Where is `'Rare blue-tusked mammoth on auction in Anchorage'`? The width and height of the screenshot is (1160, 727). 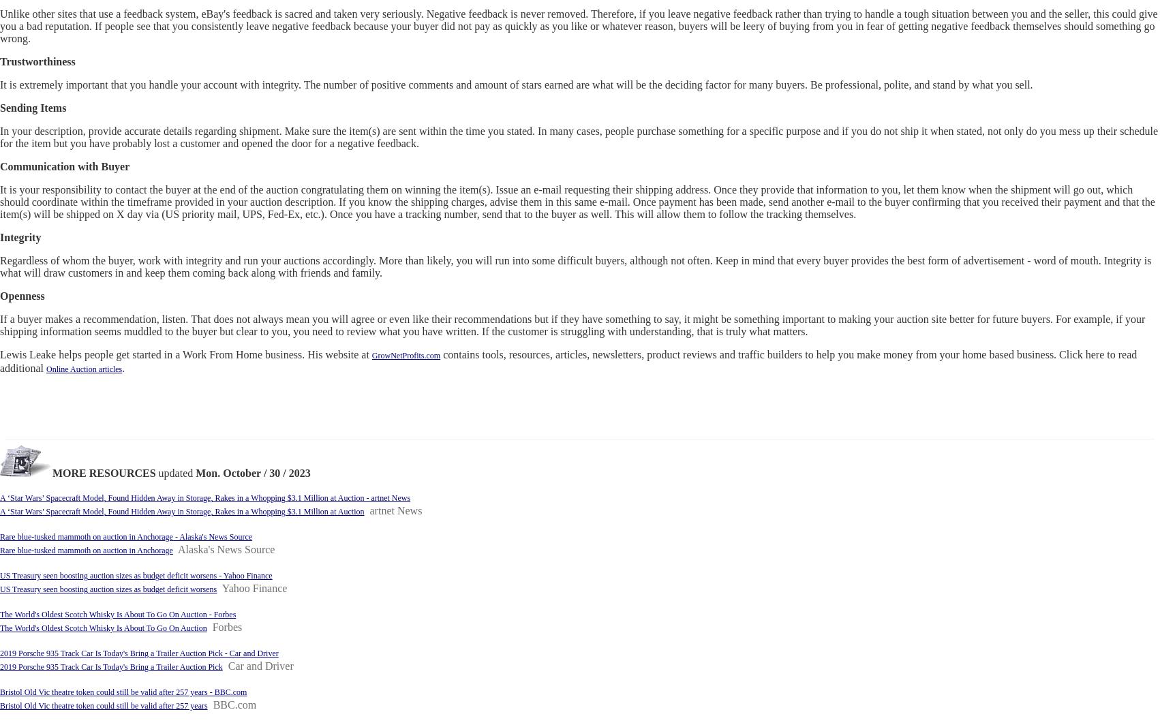 'Rare blue-tusked mammoth on auction in Anchorage' is located at coordinates (86, 550).